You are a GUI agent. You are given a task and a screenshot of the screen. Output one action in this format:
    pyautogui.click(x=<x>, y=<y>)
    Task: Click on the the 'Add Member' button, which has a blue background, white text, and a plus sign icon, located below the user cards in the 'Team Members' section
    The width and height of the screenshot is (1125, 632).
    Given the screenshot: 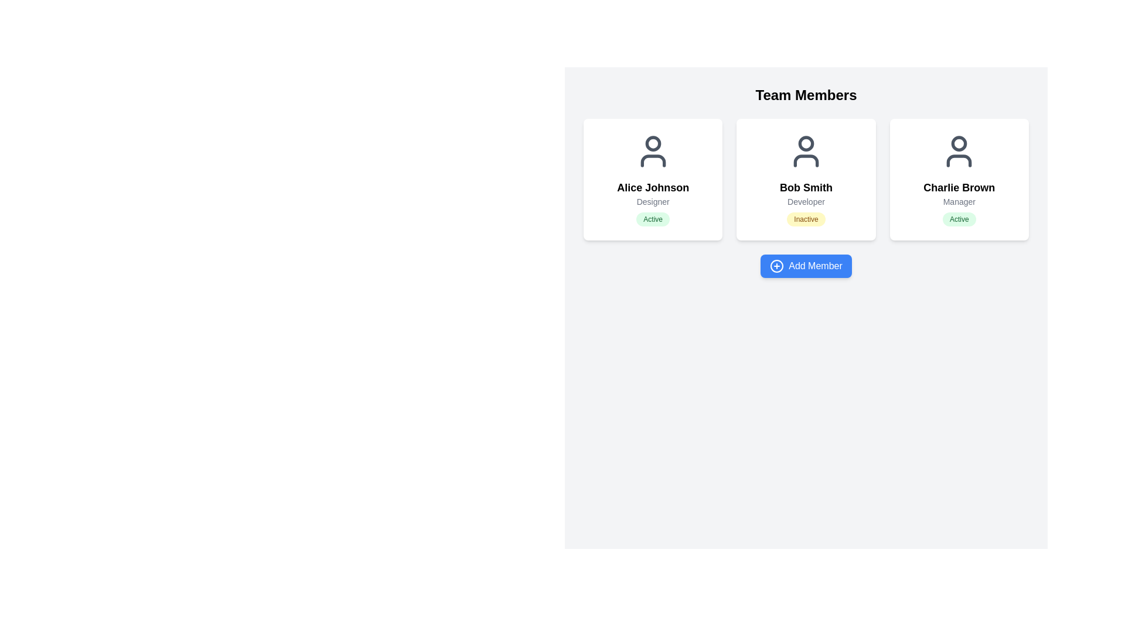 What is the action you would take?
    pyautogui.click(x=806, y=266)
    